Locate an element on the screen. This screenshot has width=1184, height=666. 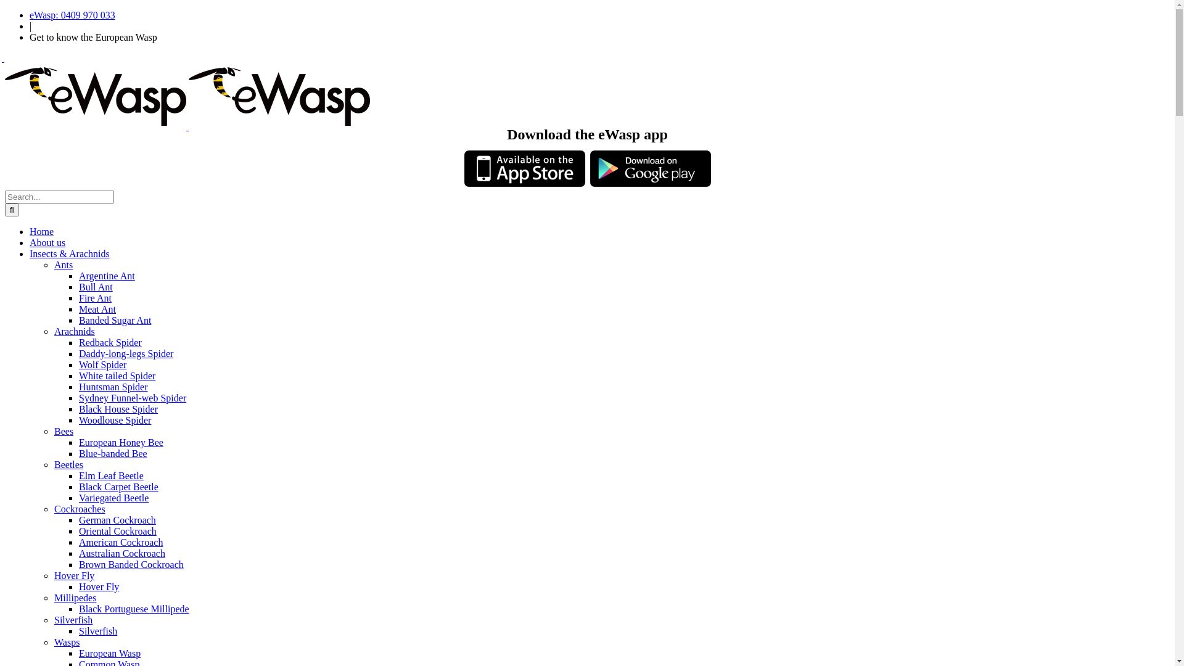
'Woodlouse Spider' is located at coordinates (78, 419).